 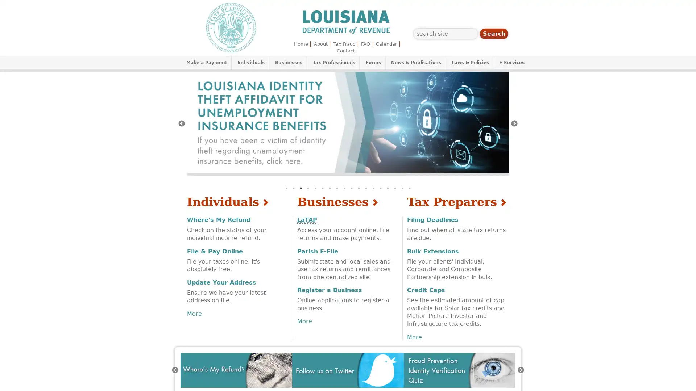 I want to click on Previous, so click(x=181, y=123).